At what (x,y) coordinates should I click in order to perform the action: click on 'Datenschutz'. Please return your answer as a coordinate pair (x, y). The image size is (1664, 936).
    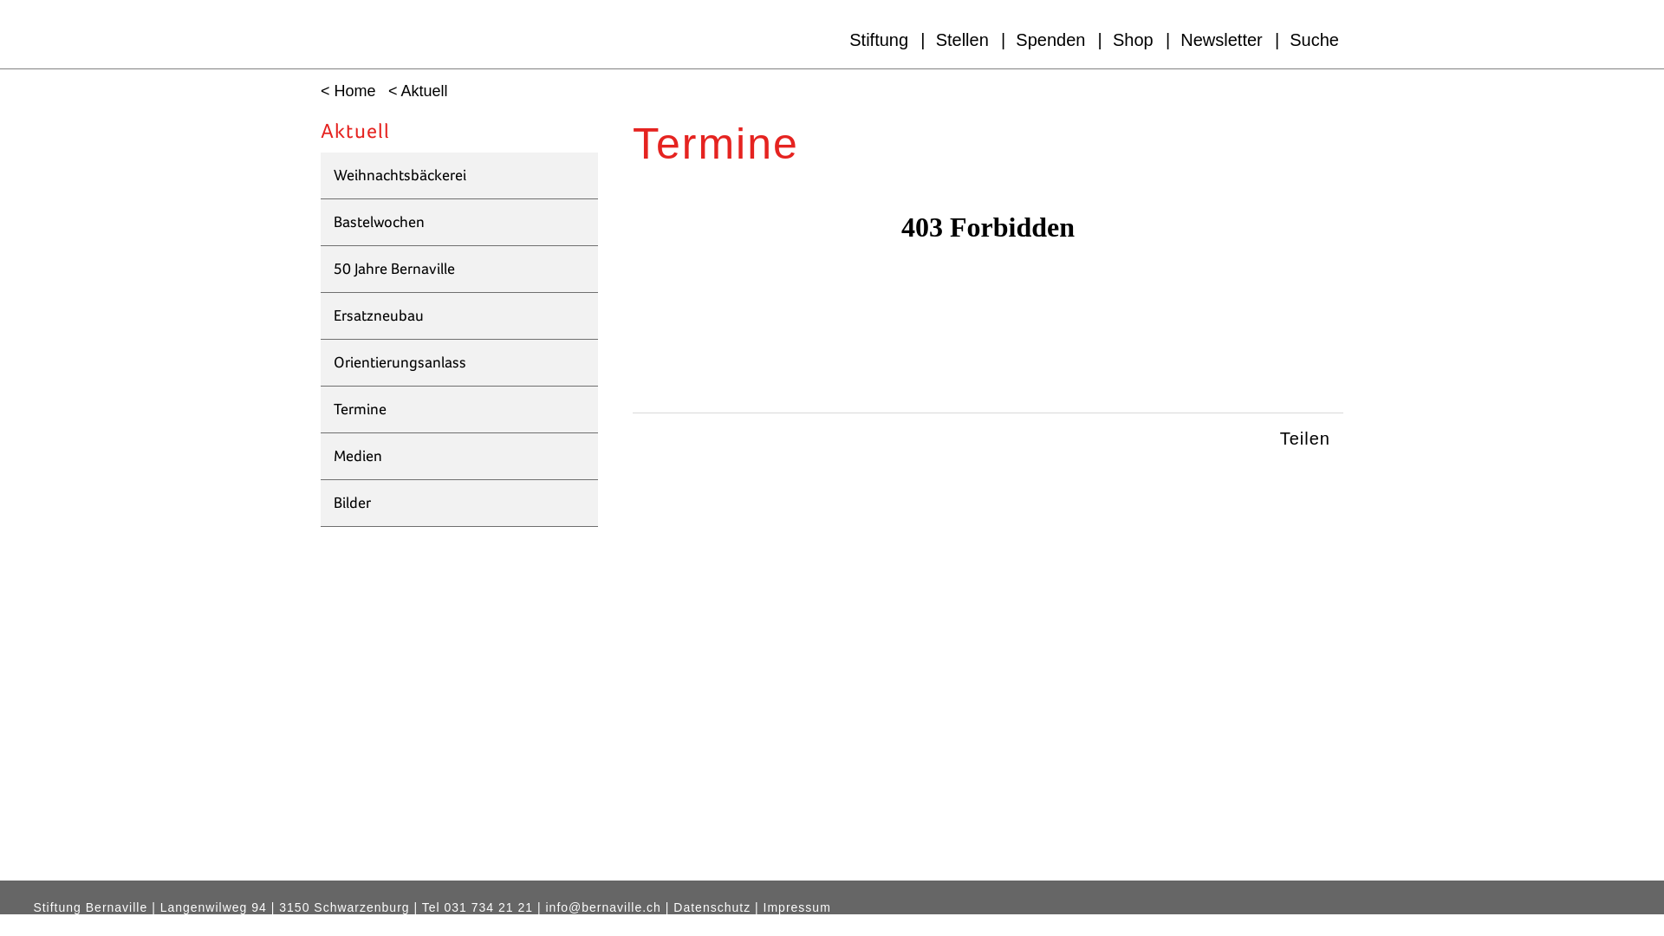
    Looking at the image, I should click on (712, 907).